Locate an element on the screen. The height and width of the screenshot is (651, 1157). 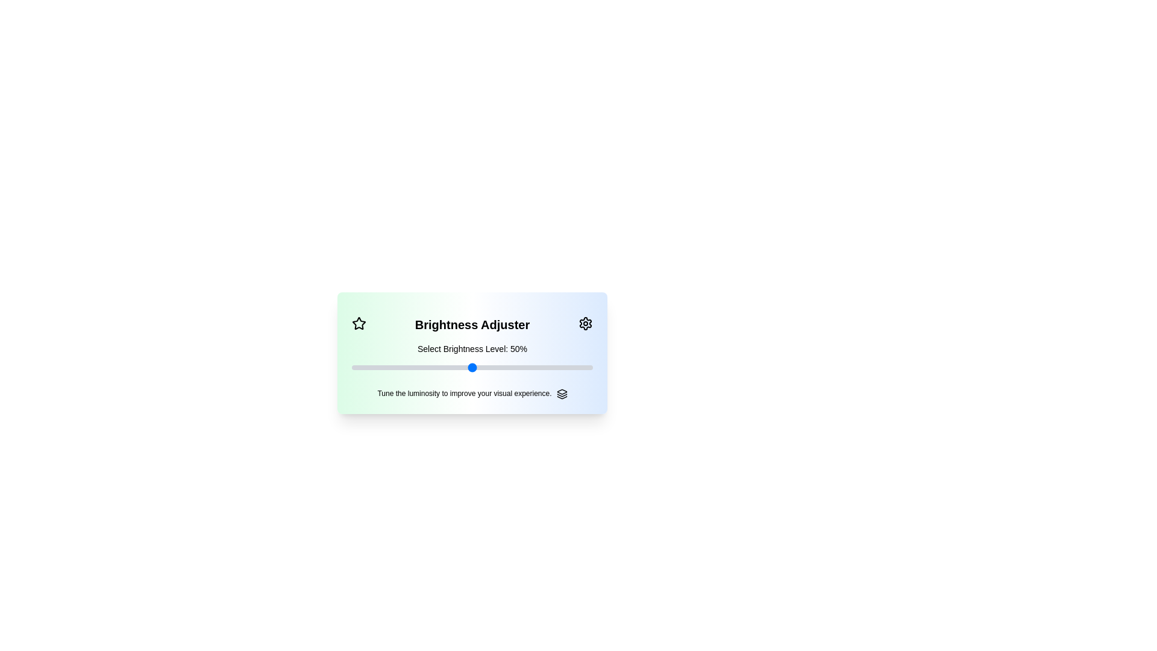
the settings icon is located at coordinates (585, 322).